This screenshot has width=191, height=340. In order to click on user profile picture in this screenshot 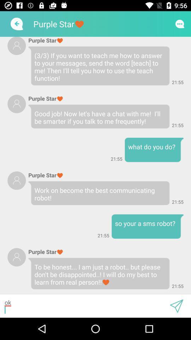, I will do `click(17, 103)`.